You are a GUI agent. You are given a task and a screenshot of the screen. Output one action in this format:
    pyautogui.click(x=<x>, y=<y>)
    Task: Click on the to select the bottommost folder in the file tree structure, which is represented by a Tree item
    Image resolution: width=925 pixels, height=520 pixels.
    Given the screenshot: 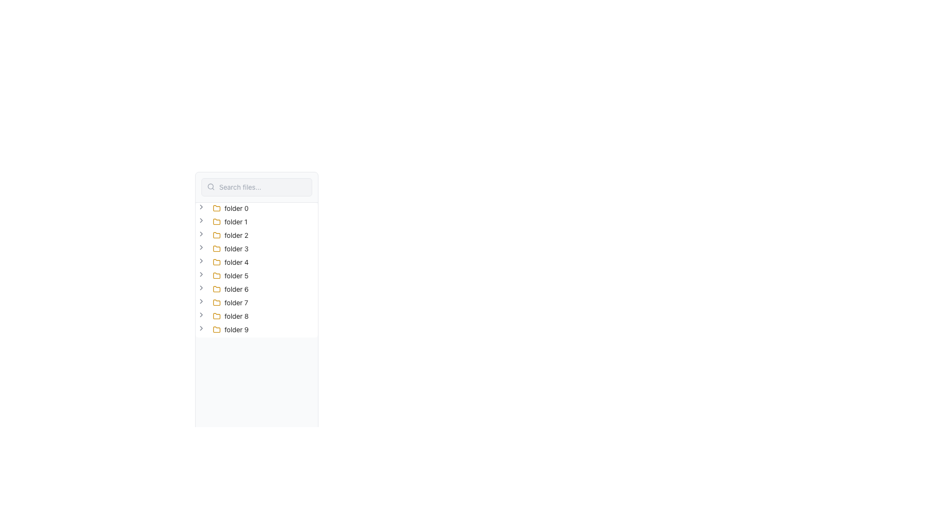 What is the action you would take?
    pyautogui.click(x=224, y=329)
    